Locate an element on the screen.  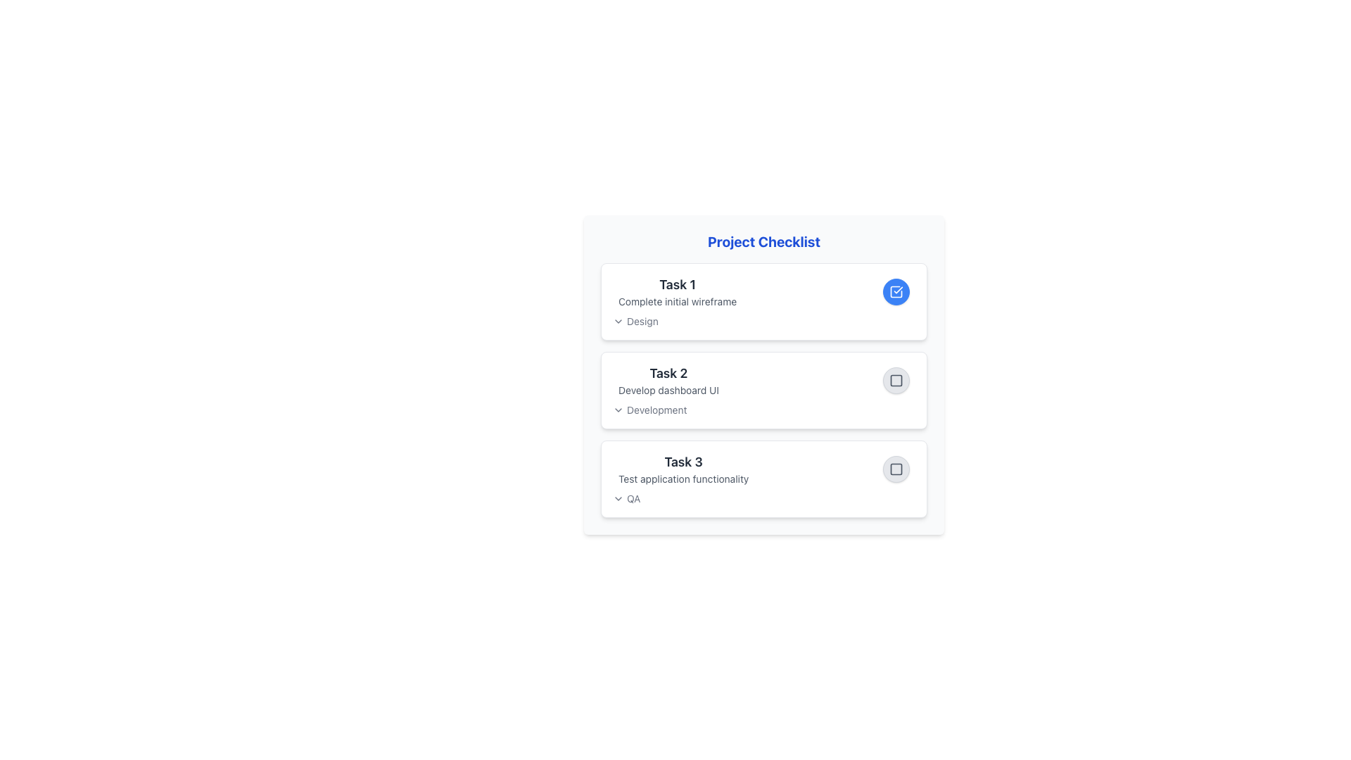
the square-shaped icon located to the right of the text content in the second task item of the vertically aligned list is located at coordinates (895, 380).